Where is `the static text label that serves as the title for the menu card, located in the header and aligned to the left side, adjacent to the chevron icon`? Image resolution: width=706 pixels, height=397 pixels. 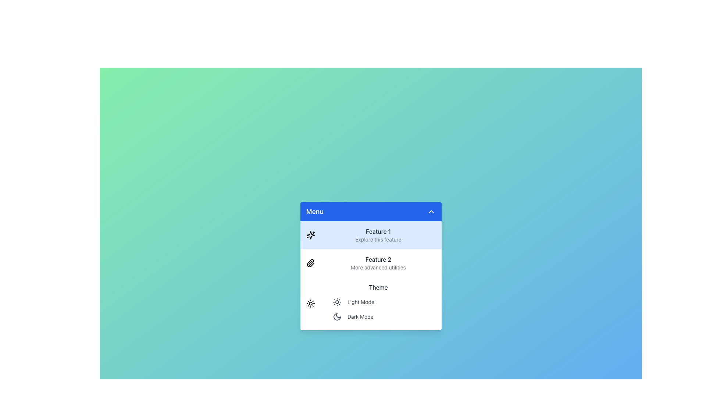
the static text label that serves as the title for the menu card, located in the header and aligned to the left side, adjacent to the chevron icon is located at coordinates (315, 211).